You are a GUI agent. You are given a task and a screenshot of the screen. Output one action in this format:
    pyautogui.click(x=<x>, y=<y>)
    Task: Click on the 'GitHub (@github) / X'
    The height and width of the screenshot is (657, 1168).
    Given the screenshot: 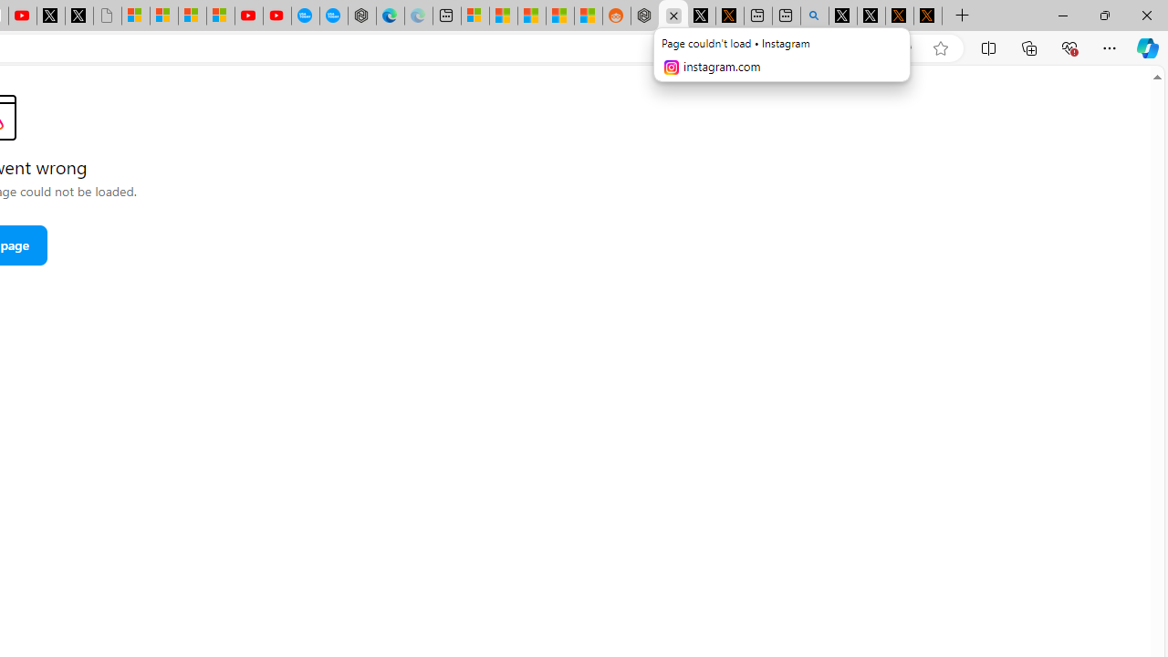 What is the action you would take?
    pyautogui.click(x=870, y=16)
    